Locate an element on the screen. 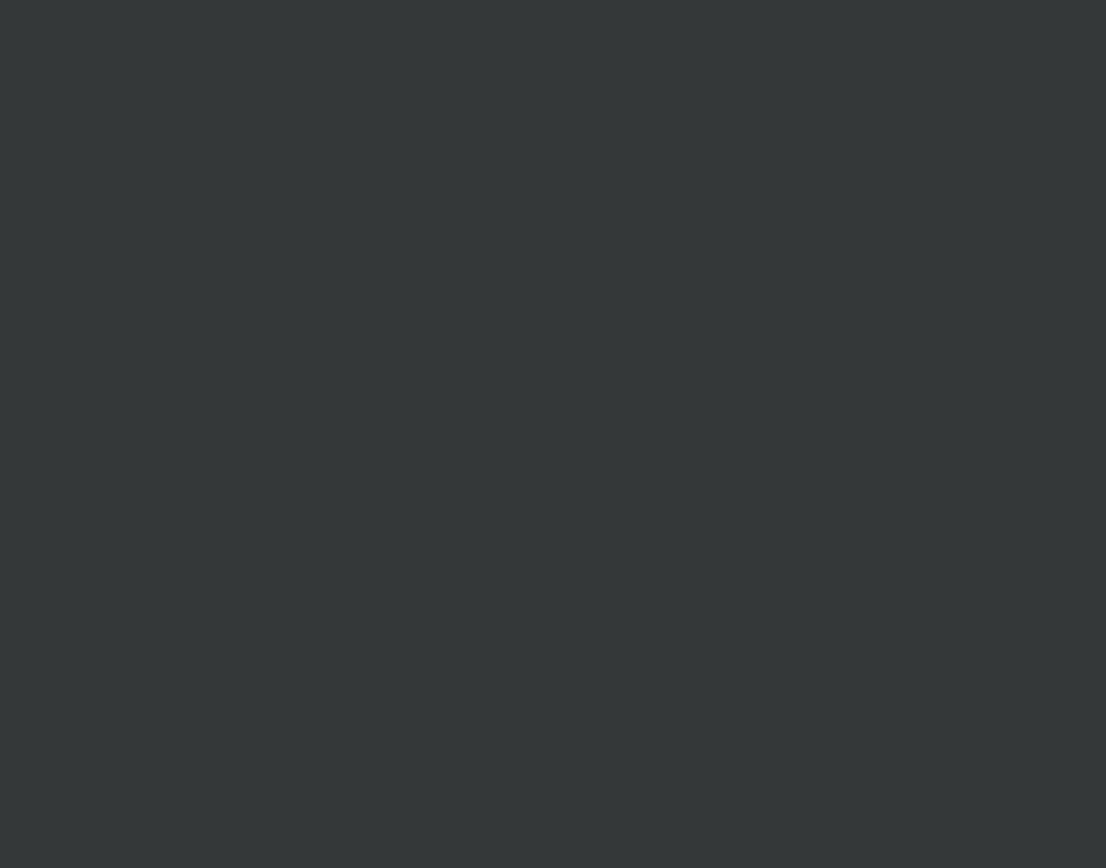 This screenshot has height=868, width=1106. 'read to self' is located at coordinates (817, 162).